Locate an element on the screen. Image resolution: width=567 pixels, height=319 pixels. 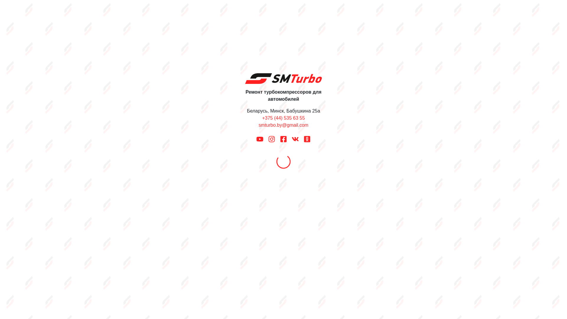
'+375 (44) 535 63 55' is located at coordinates (283, 118).